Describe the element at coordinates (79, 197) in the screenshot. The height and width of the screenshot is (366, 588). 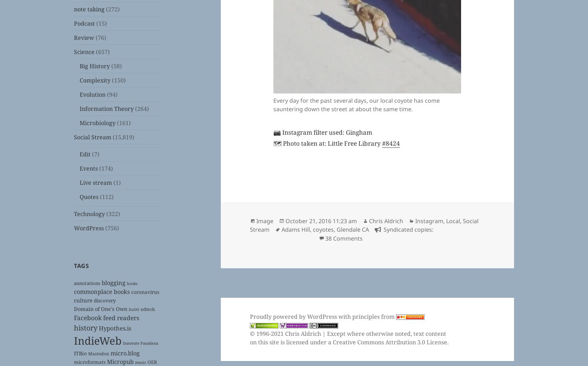
I see `'Quotes'` at that location.